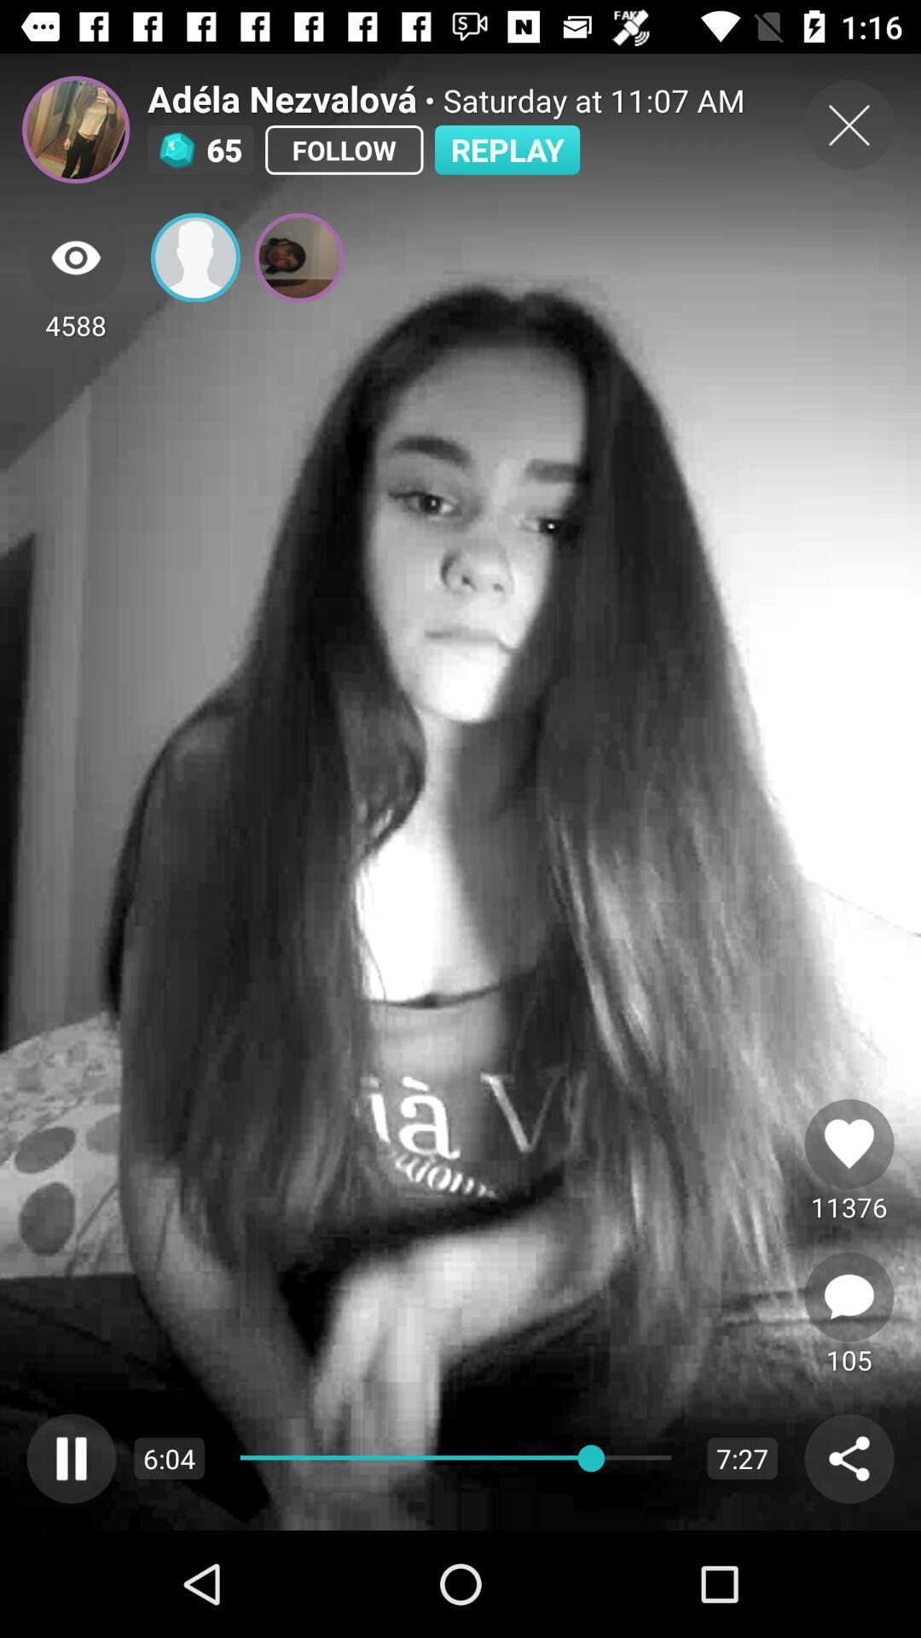 The height and width of the screenshot is (1638, 921). What do you see at coordinates (75, 257) in the screenshot?
I see `the visibility icon` at bounding box center [75, 257].